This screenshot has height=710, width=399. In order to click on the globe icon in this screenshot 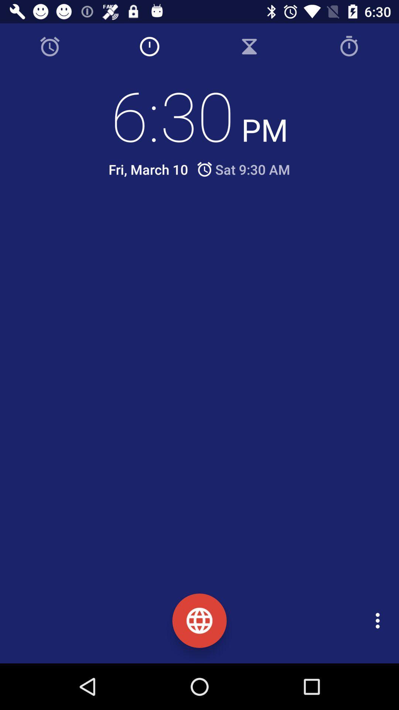, I will do `click(199, 621)`.